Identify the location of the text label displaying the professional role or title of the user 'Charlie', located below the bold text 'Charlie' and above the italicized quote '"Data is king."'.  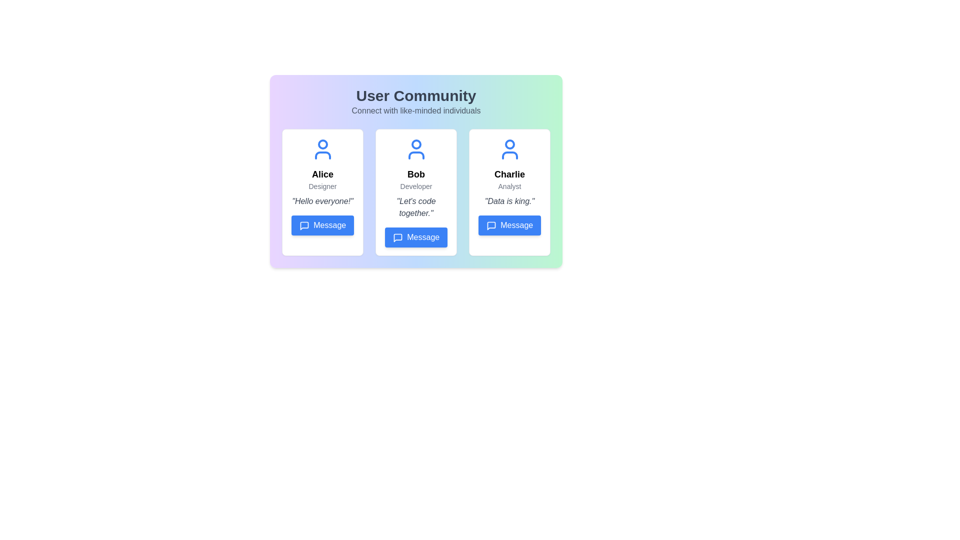
(509, 186).